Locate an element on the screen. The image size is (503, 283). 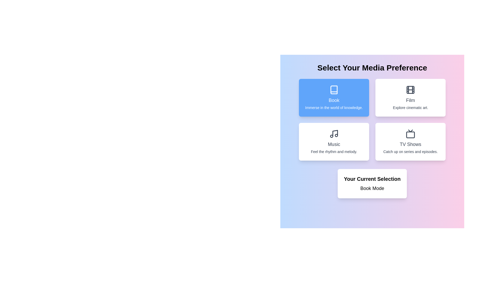
the 'Your Current Selection' section to confirm the current media selection is located at coordinates (372, 183).